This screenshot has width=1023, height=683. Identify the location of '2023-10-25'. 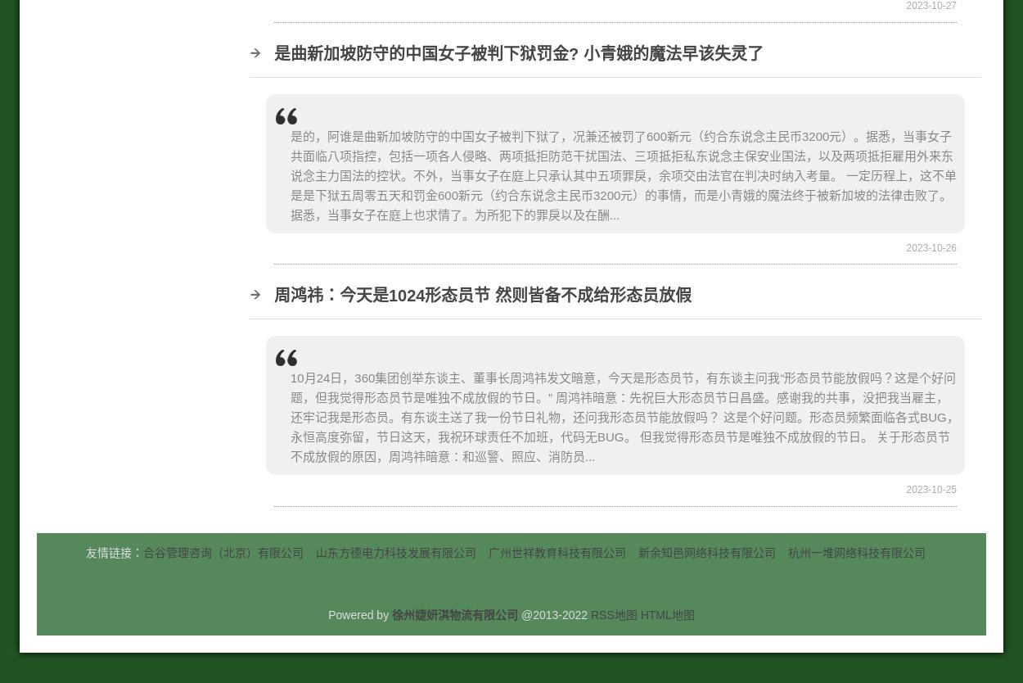
(931, 489).